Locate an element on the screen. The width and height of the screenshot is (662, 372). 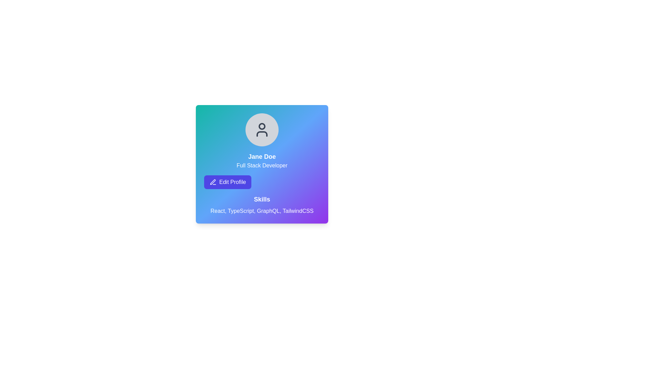
text content of the 'Skills' section, which includes proficiencies: 'React, TypeScript, GraphQL, and TailwindCSS'. This section is visually distinct with a bold title and a gradient background is located at coordinates (261, 204).